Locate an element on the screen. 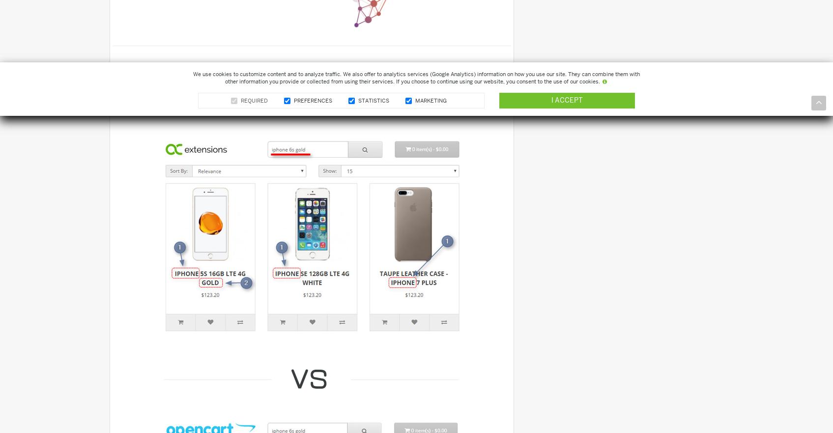 The image size is (833, 433). 'Required' is located at coordinates (253, 100).